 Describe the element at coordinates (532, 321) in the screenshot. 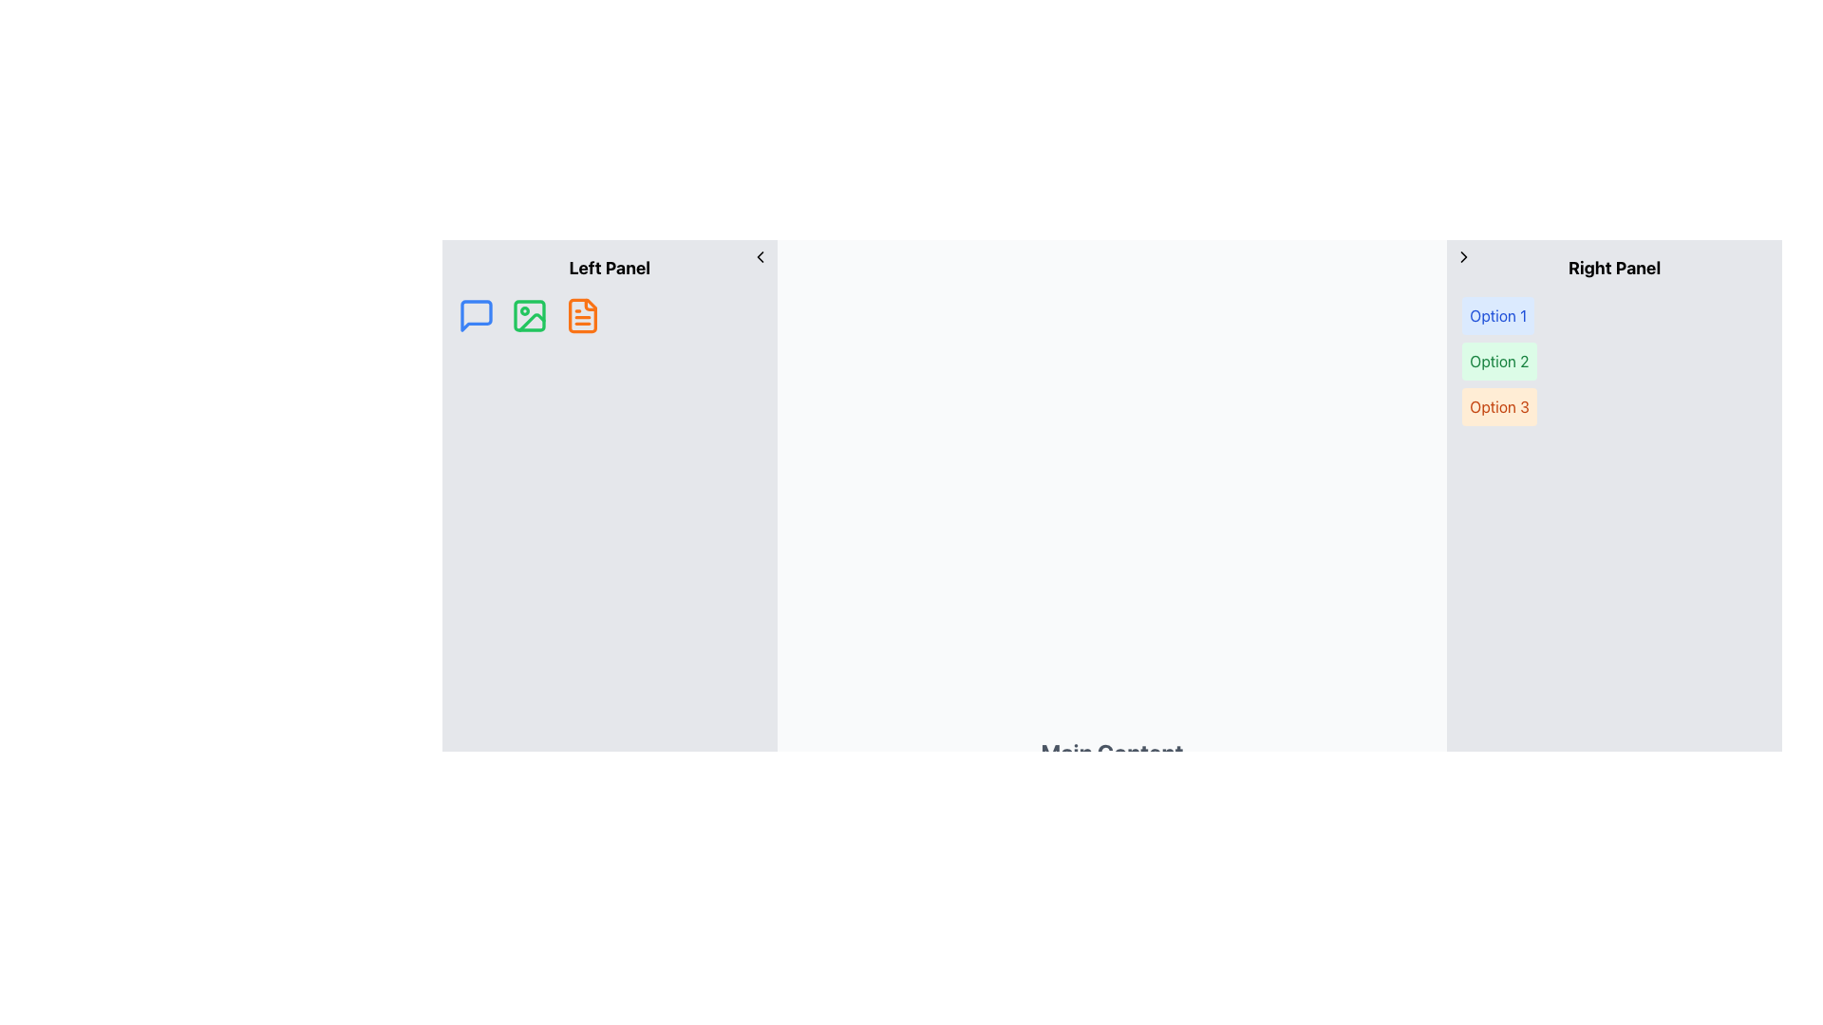

I see `decorative curve element within the green image icon, which is the second icon in the left panel of the interface, using developer tools` at that location.